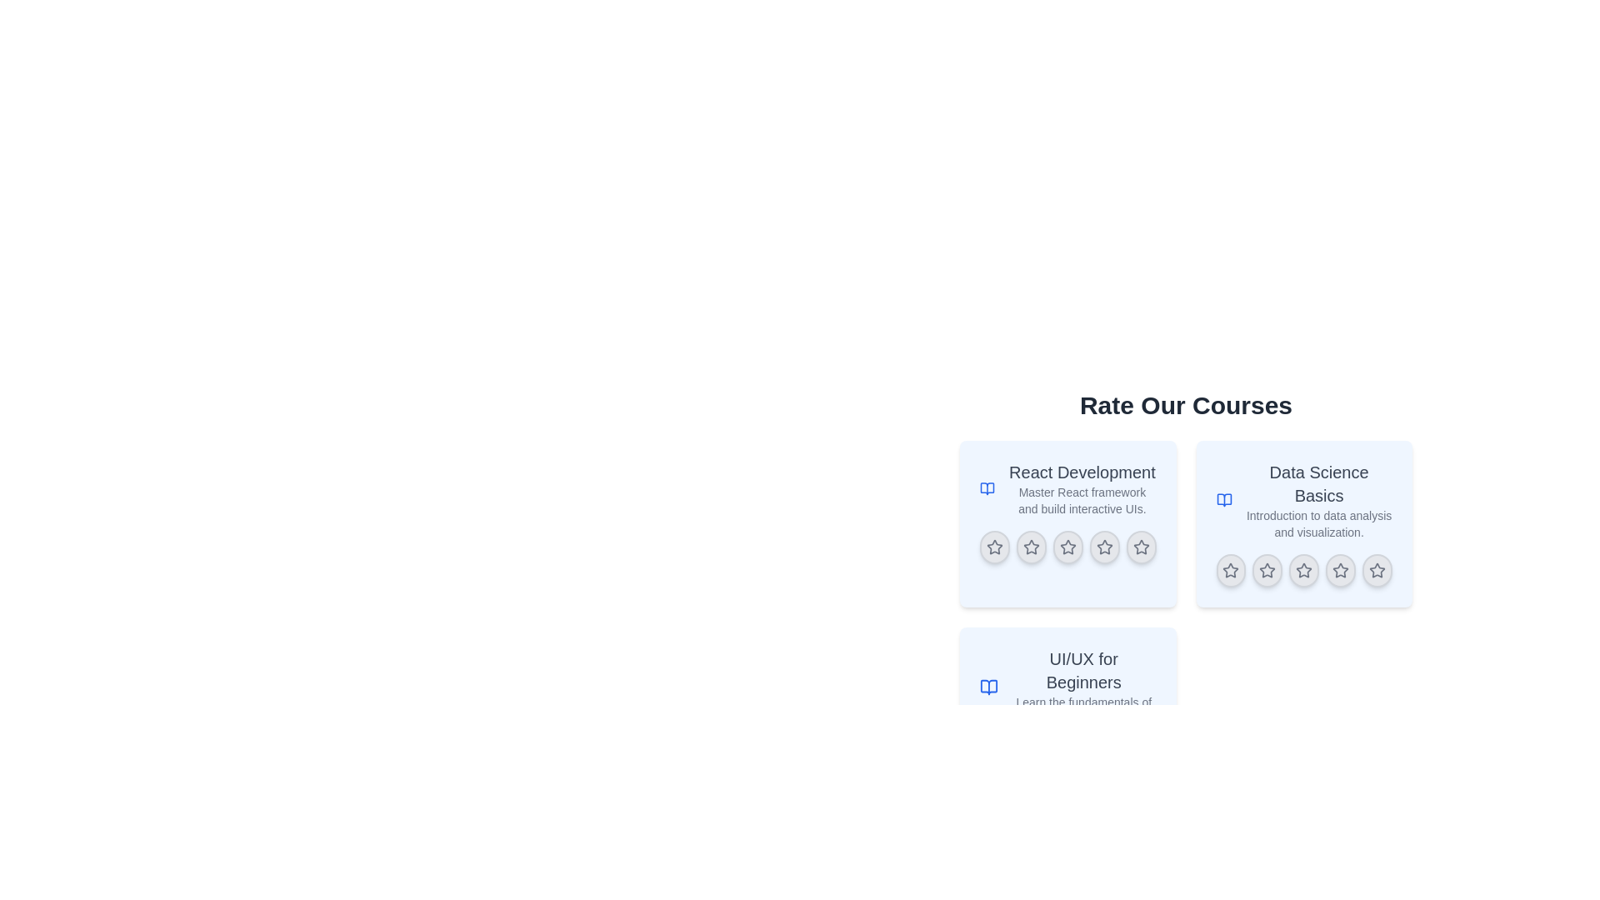 The height and width of the screenshot is (900, 1600). What do you see at coordinates (1341, 569) in the screenshot?
I see `the fourth hollow star icon` at bounding box center [1341, 569].